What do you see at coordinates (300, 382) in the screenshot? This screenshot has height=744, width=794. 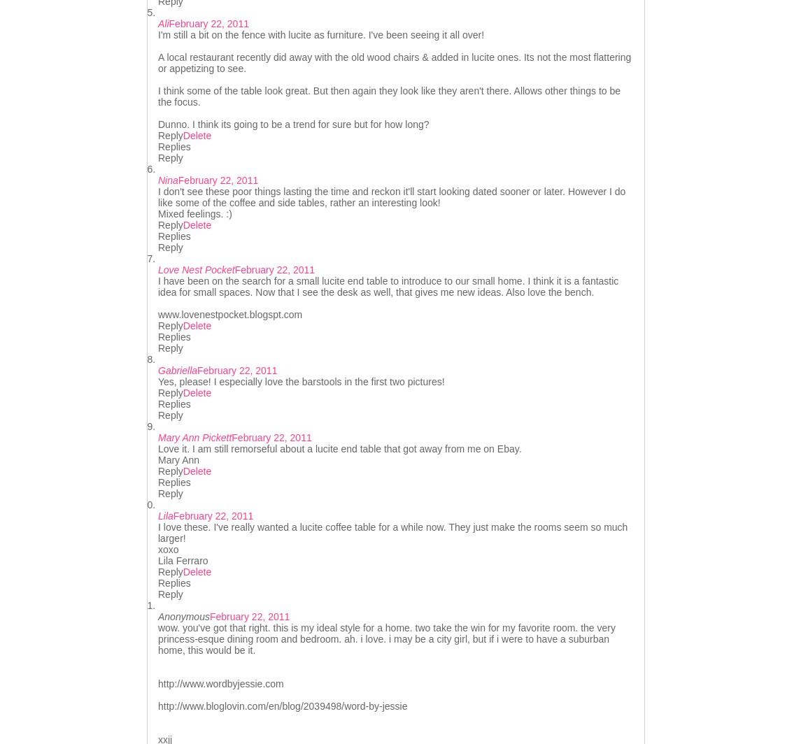 I see `'Yes, please! I especially love the barstools in the first two pictures!'` at bounding box center [300, 382].